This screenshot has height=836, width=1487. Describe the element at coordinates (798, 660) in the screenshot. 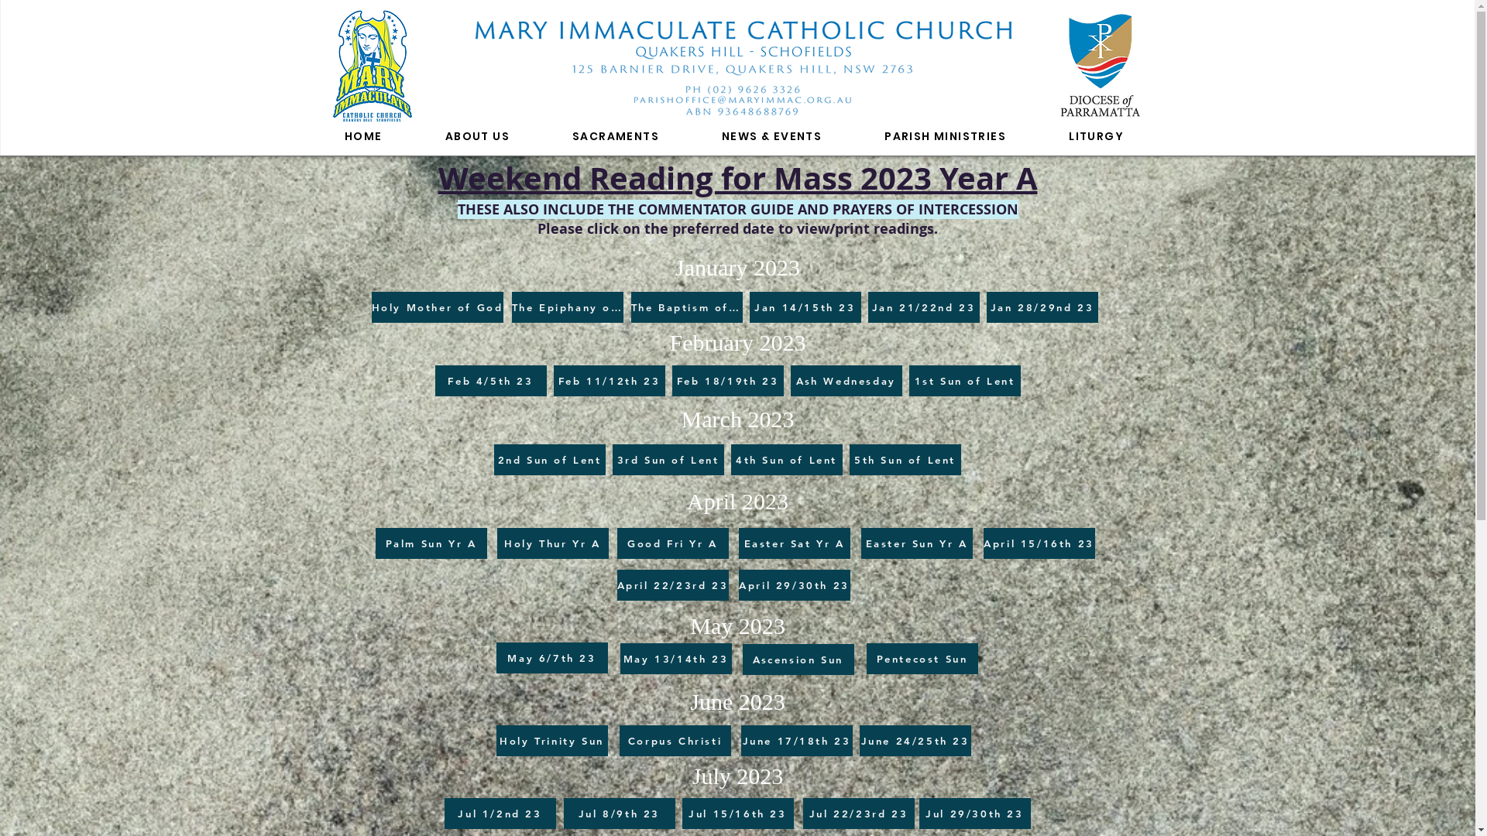

I see `'Ascension Sun'` at that location.